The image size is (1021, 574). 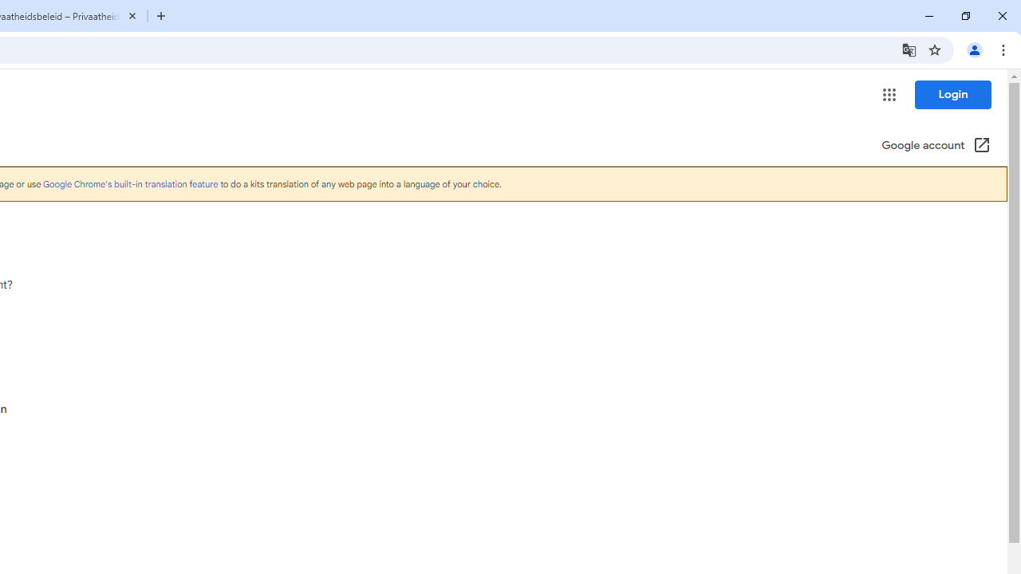 I want to click on 'Google Account (Opens in new window)', so click(x=936, y=146).